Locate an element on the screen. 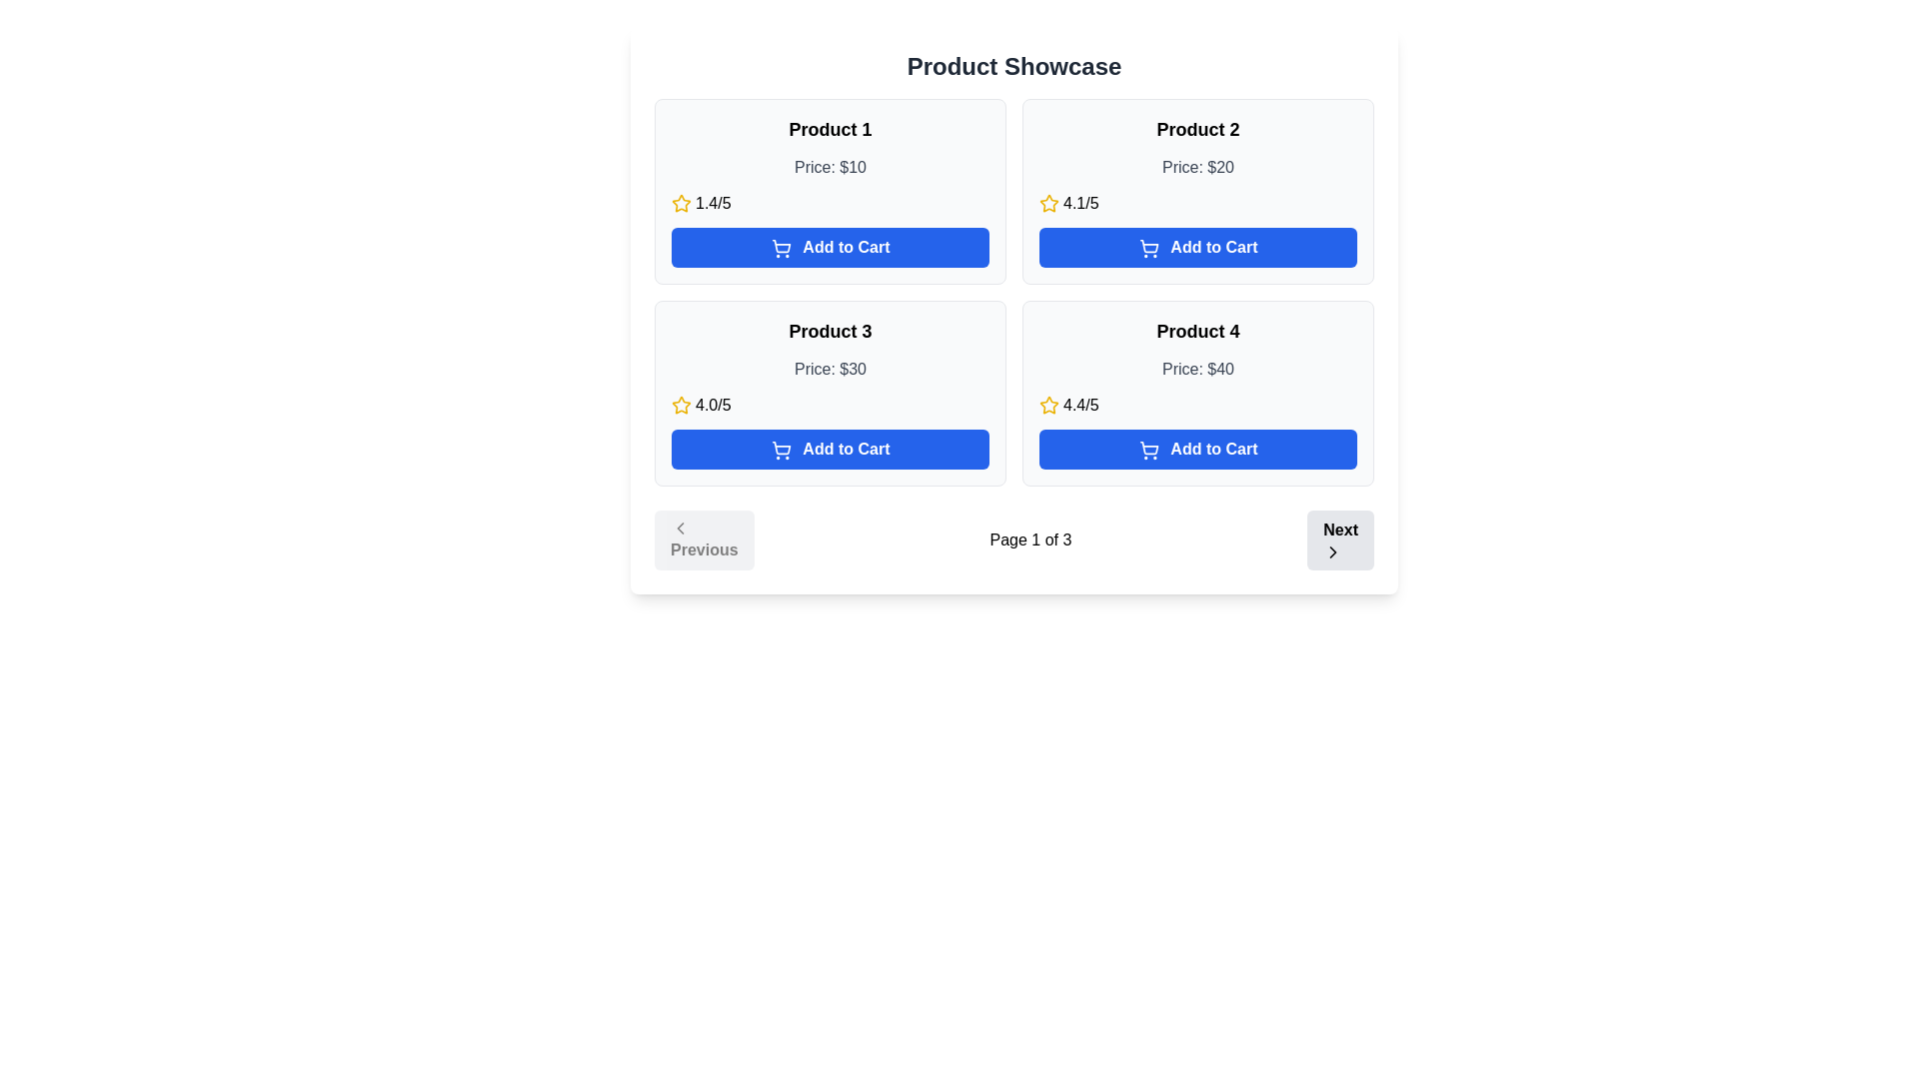 This screenshot has width=1919, height=1079. displayed rating '1.4/5' which is styled with medium font weight and located to the right of a star icon in the 'Product 1' card is located at coordinates (713, 204).